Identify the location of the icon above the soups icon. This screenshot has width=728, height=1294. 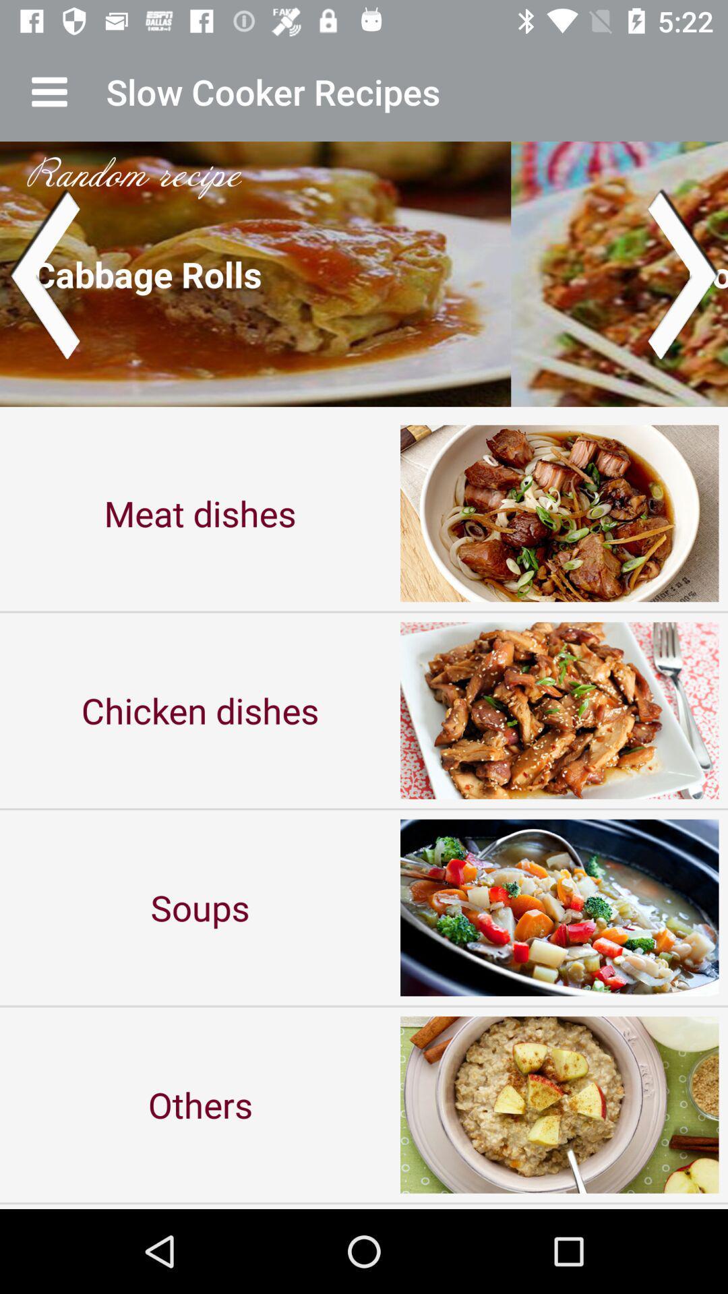
(200, 710).